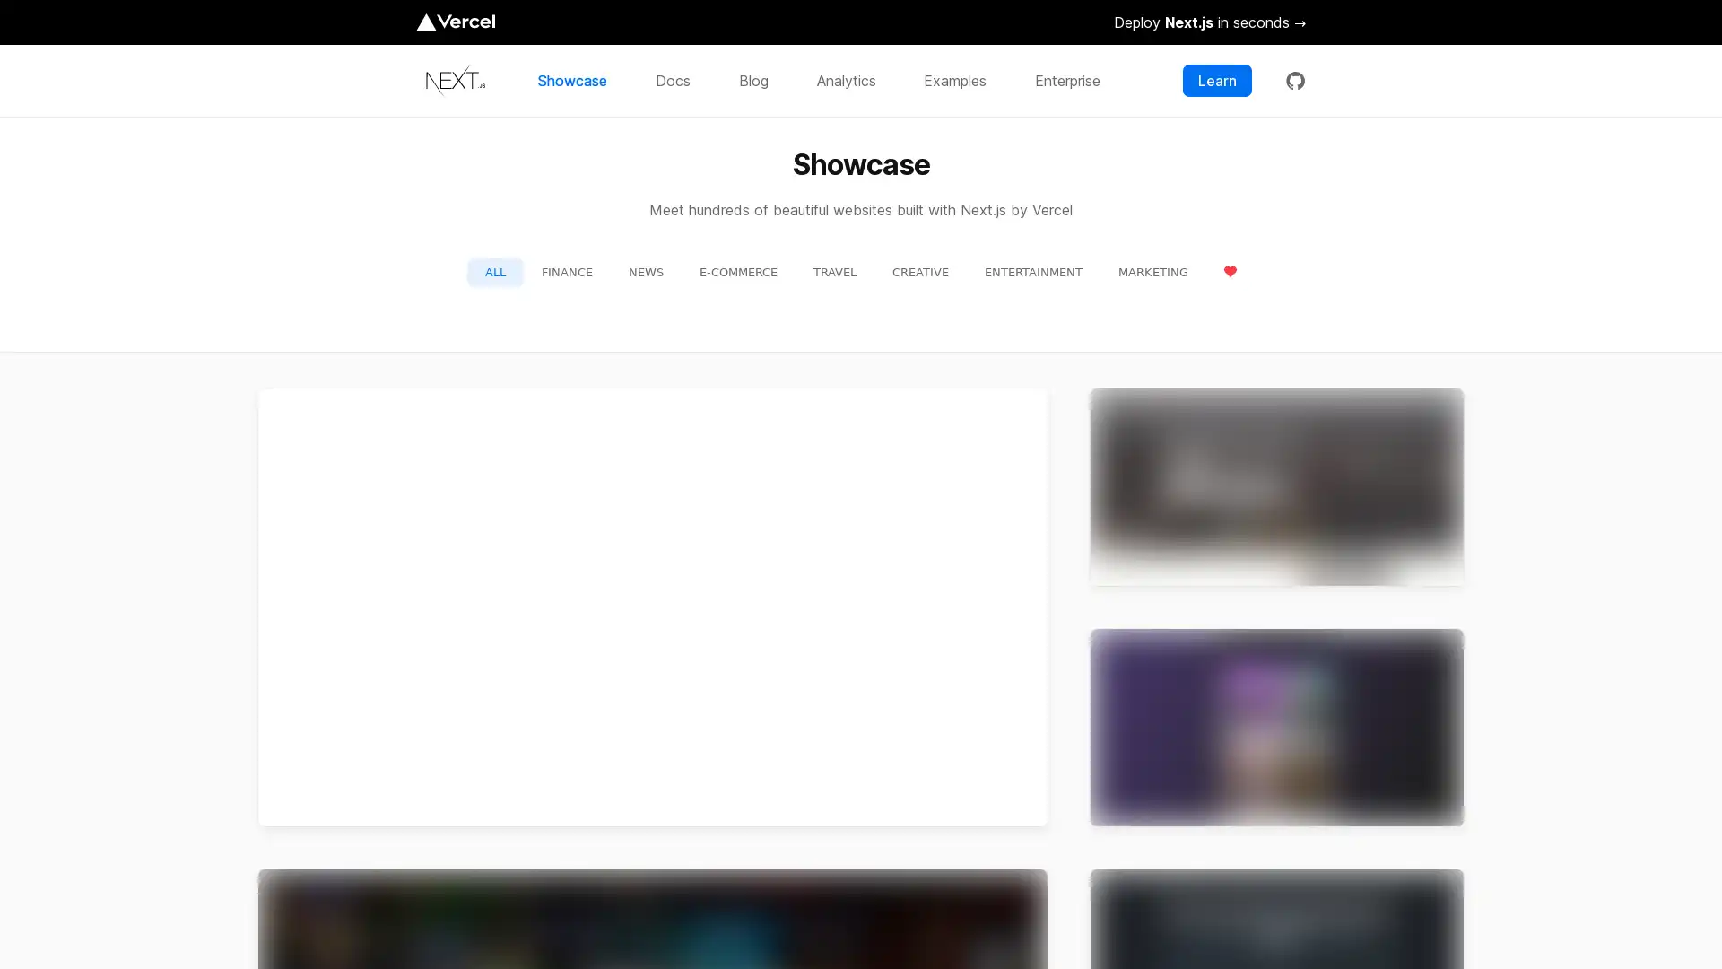 The width and height of the screenshot is (1722, 969). What do you see at coordinates (1153, 272) in the screenshot?
I see `MARKETING` at bounding box center [1153, 272].